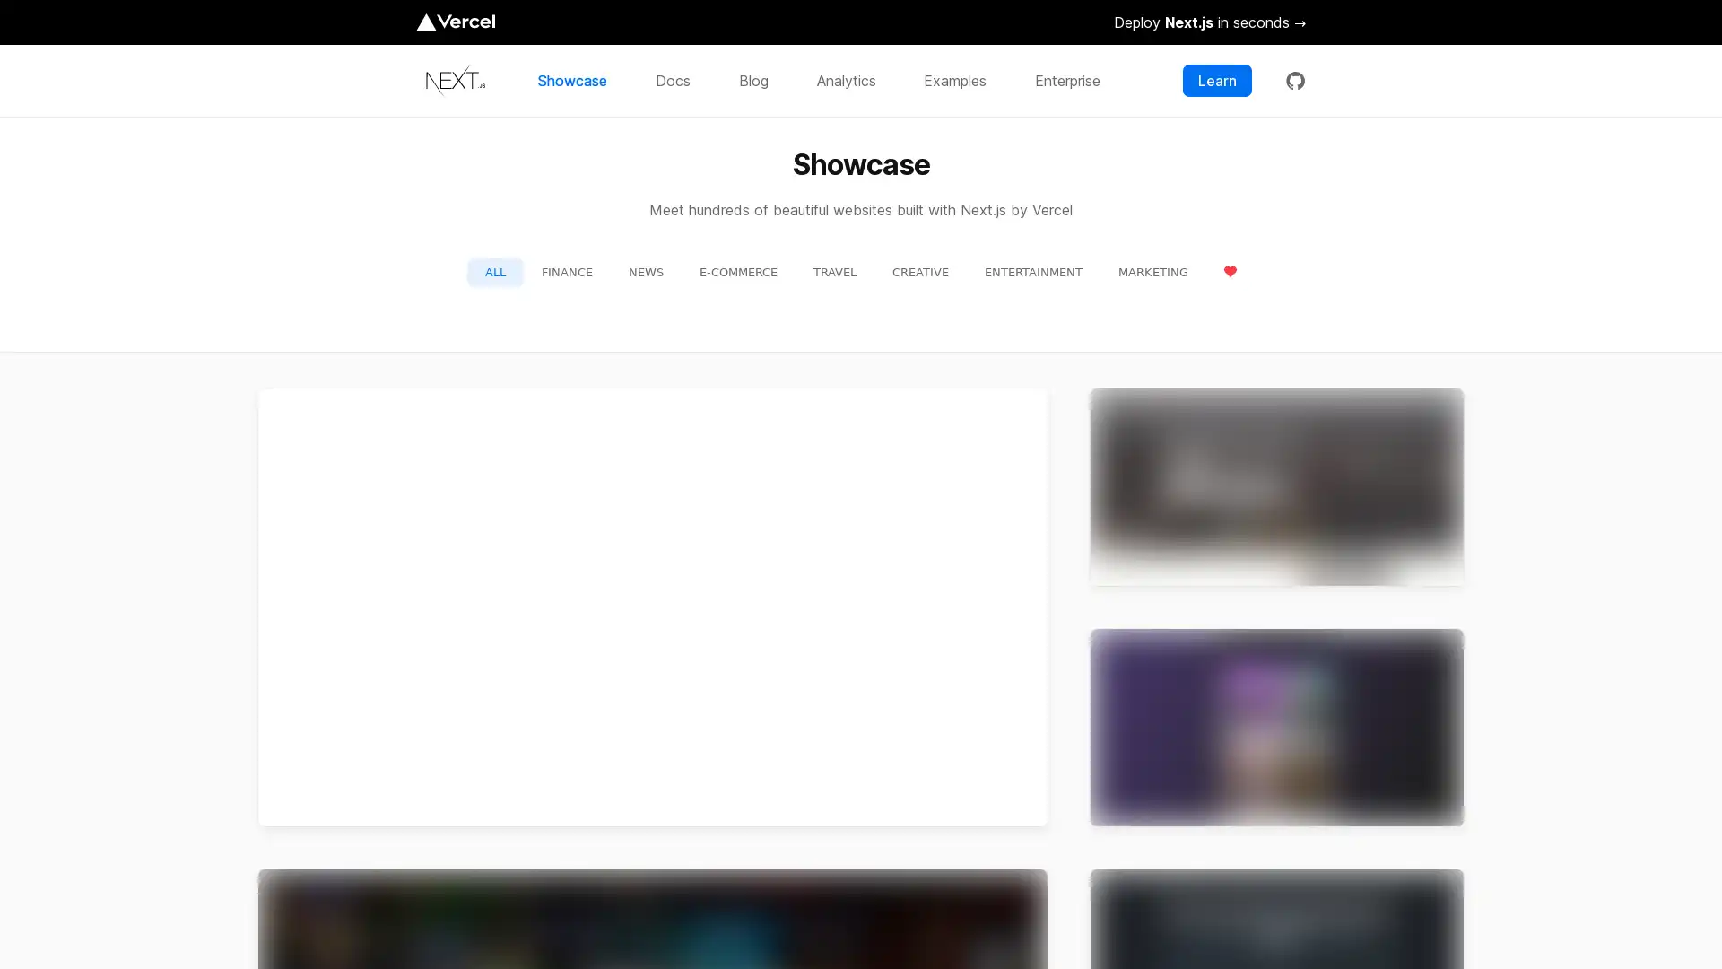 The width and height of the screenshot is (1722, 969). What do you see at coordinates (1153, 272) in the screenshot?
I see `MARKETING` at bounding box center [1153, 272].